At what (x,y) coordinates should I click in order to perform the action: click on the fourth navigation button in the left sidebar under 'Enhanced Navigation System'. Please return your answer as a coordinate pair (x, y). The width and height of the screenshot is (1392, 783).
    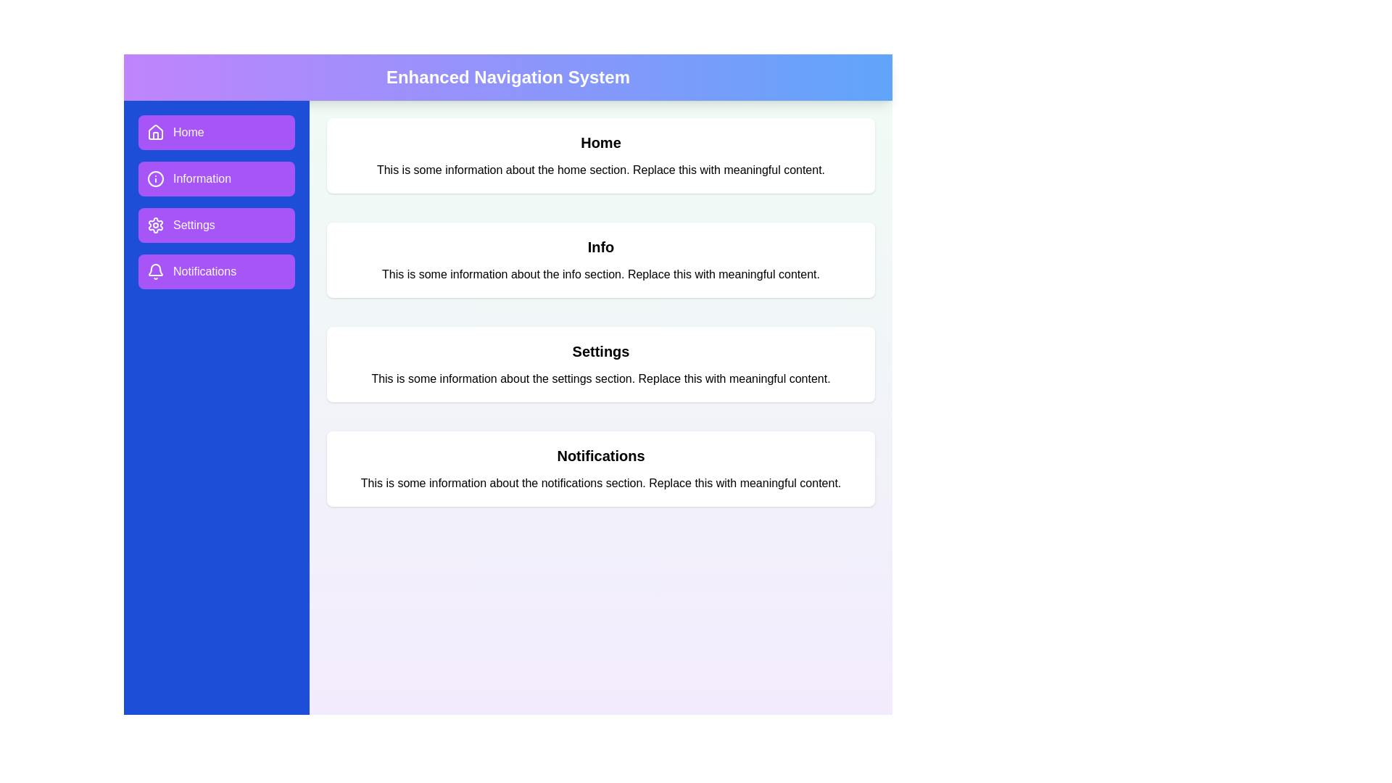
    Looking at the image, I should click on (215, 271).